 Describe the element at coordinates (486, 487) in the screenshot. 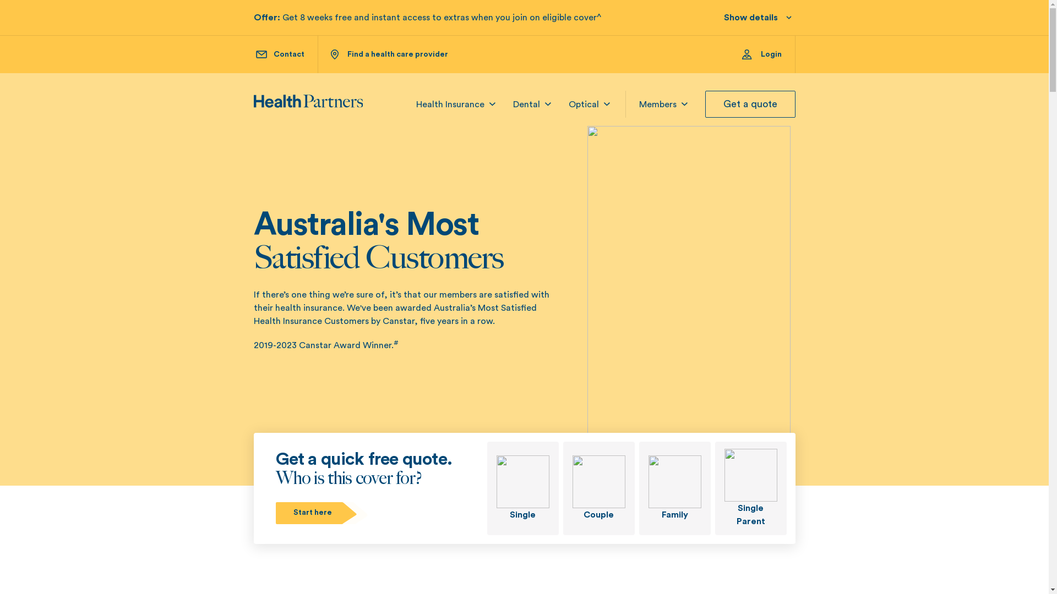

I see `'Single'` at that location.